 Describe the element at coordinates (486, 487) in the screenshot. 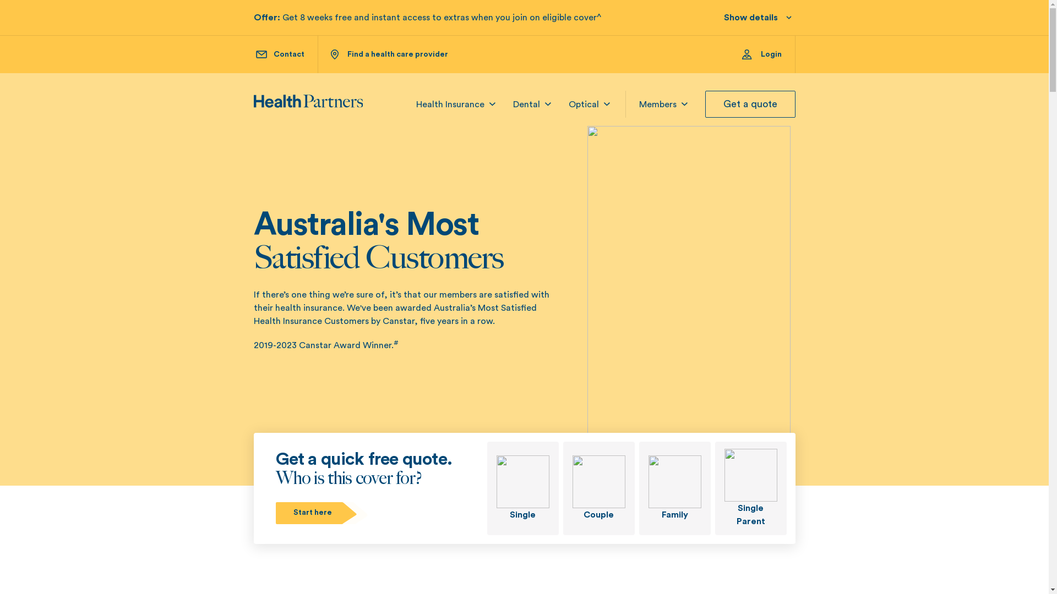

I see `'Single'` at that location.